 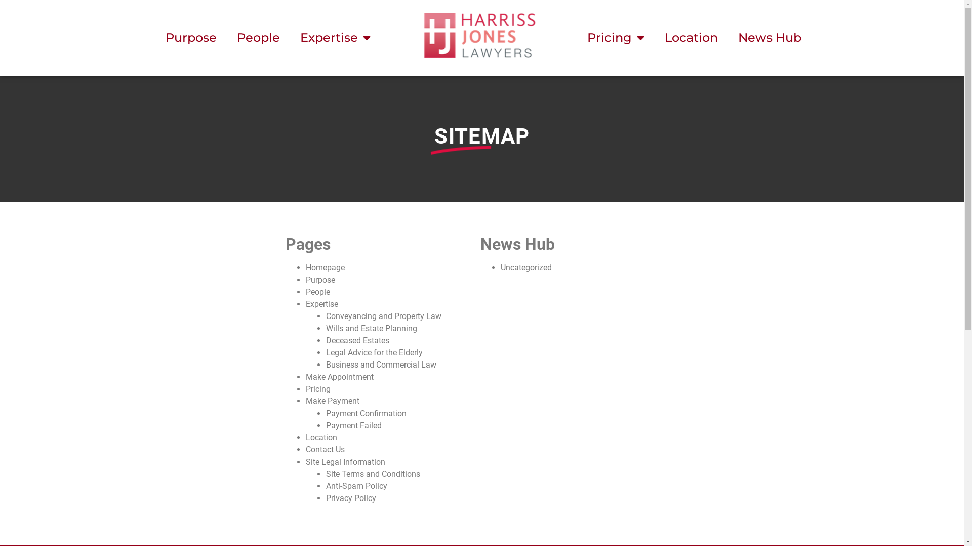 I want to click on 'Homepage', so click(x=325, y=267).